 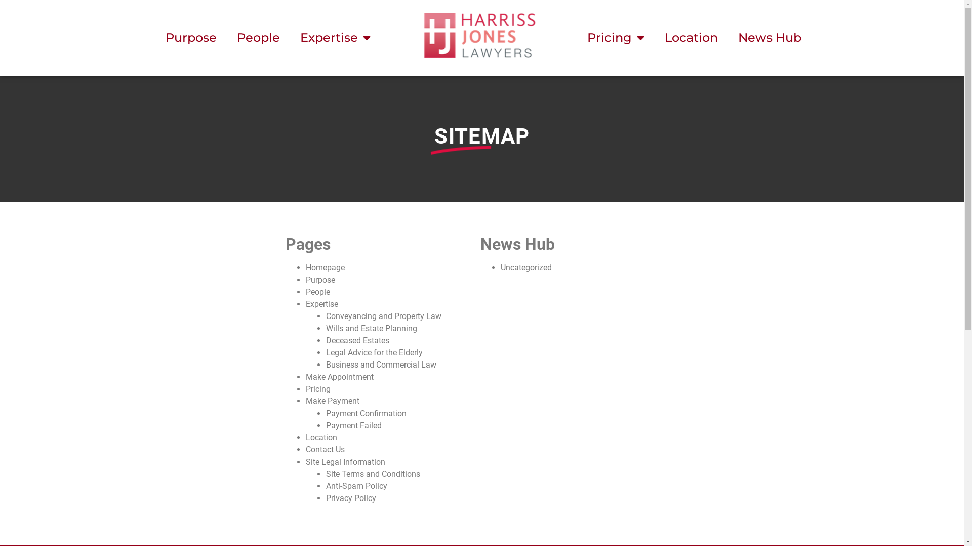 I want to click on 'Homepage', so click(x=325, y=267).